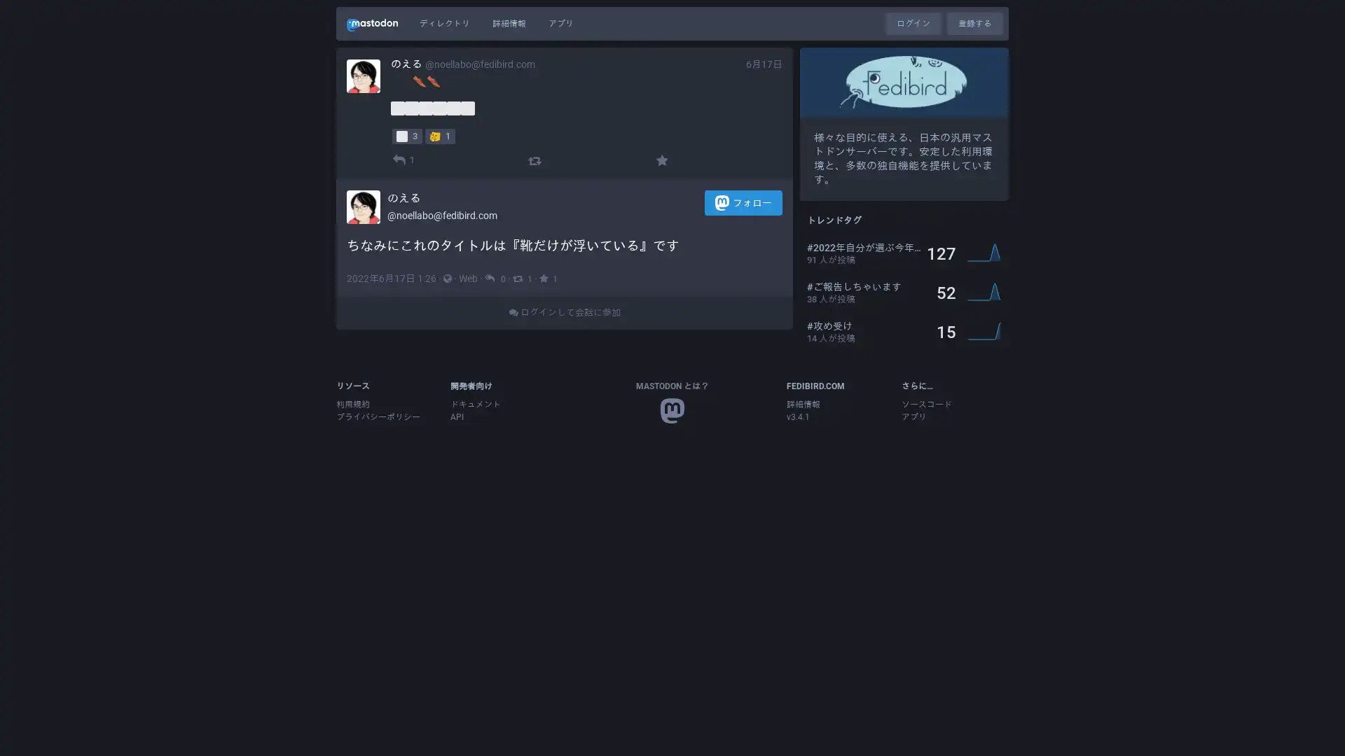 Image resolution: width=1345 pixels, height=756 pixels. What do you see at coordinates (439, 135) in the screenshot?
I see `:blobcatthink 1` at bounding box center [439, 135].